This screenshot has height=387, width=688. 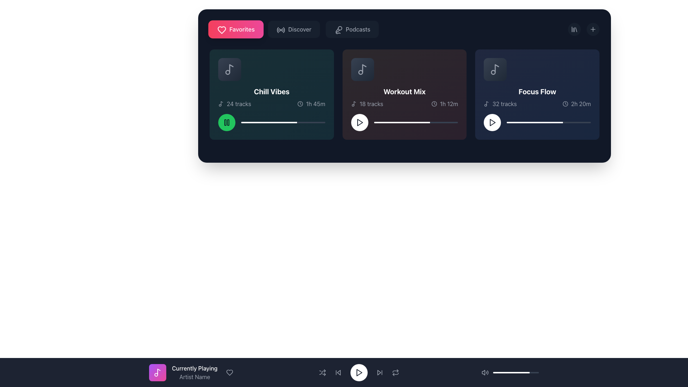 I want to click on the icon with vertical bars located in the top-right corner of the interface, so click(x=574, y=29).